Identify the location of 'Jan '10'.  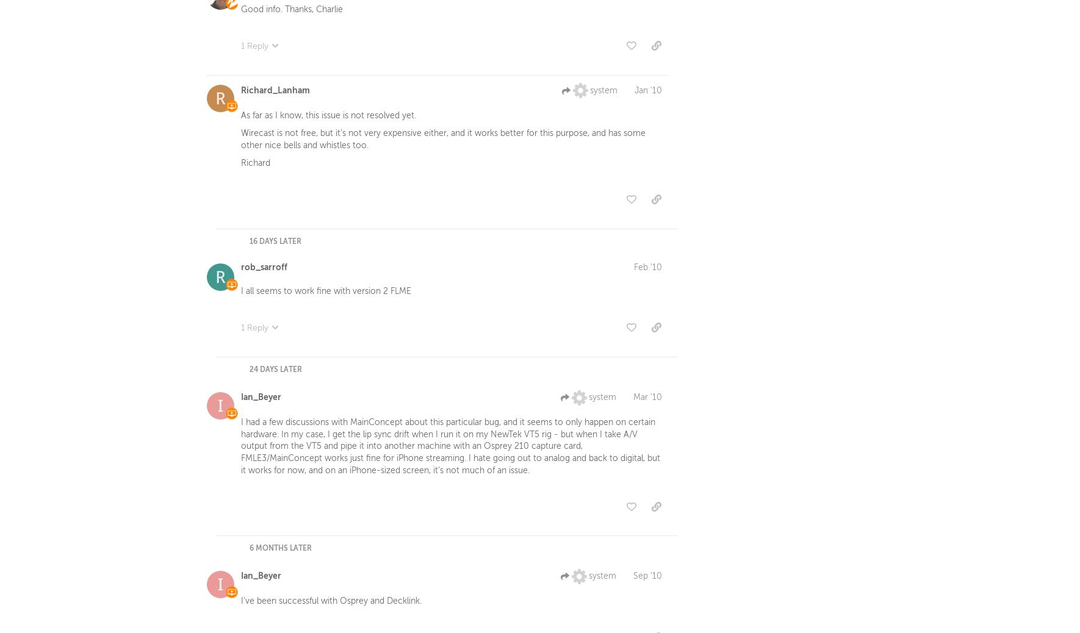
(648, 92).